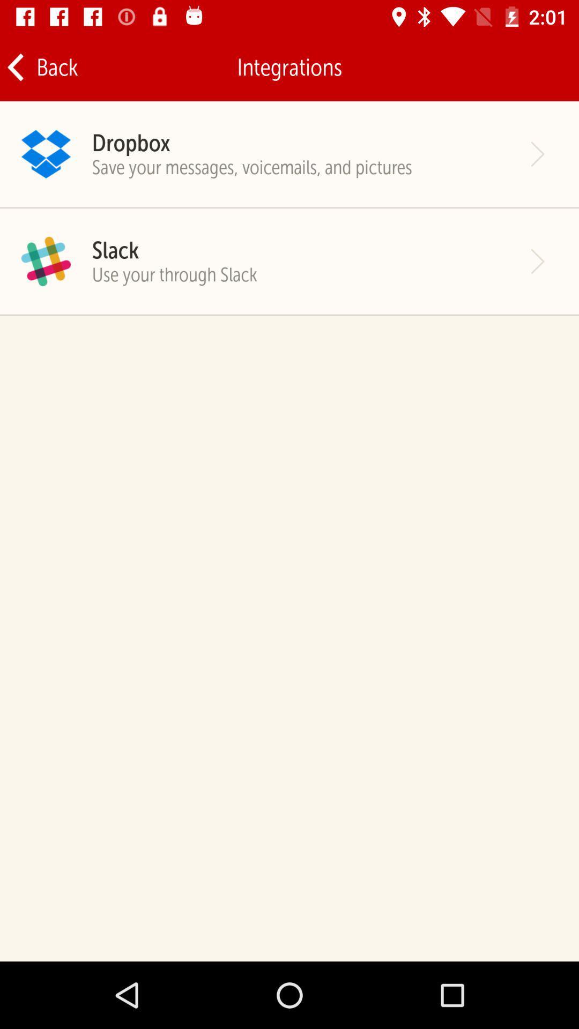  Describe the element at coordinates (130, 142) in the screenshot. I see `item above save your messages icon` at that location.